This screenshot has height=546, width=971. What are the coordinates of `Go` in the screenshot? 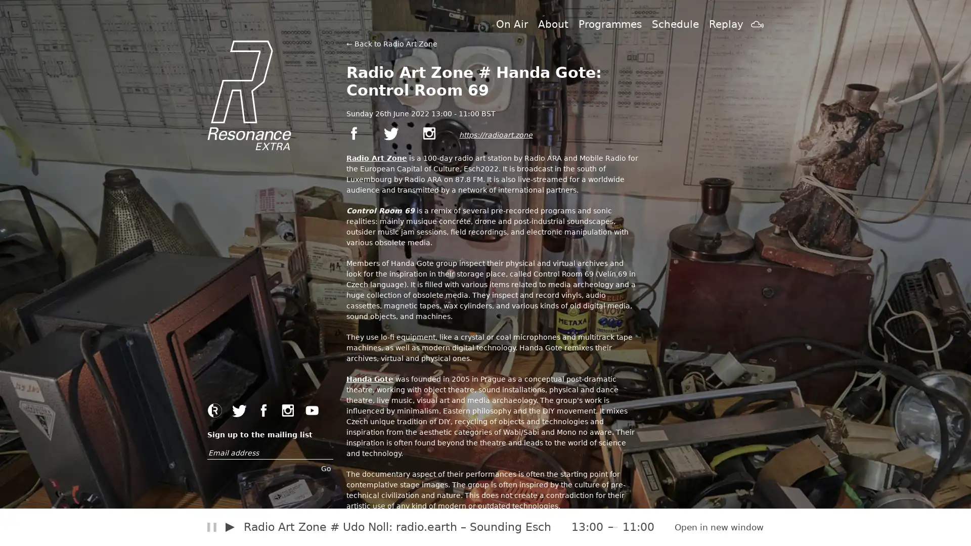 It's located at (326, 466).